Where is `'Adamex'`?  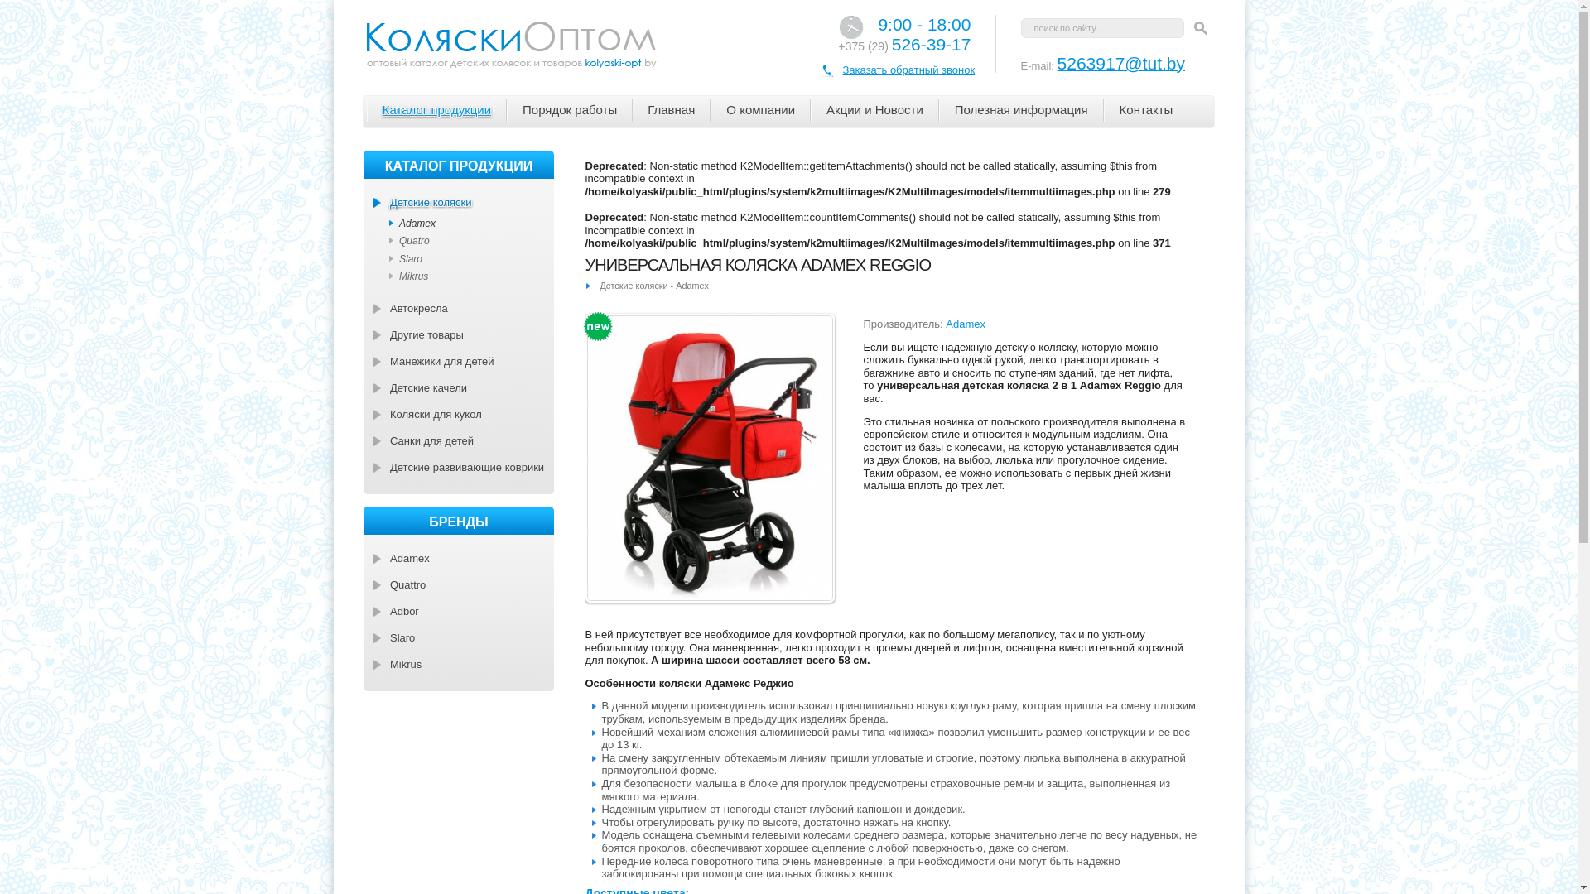 'Adamex' is located at coordinates (473, 223).